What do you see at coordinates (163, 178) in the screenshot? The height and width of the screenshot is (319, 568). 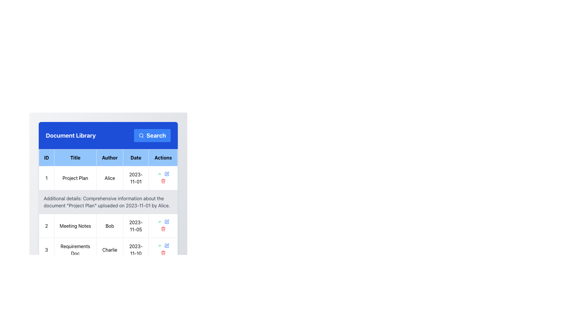 I see `the small red delete icon (trash can shape) located in the 'Actions' column for the 'Project Plan' entry by 'Alice' dated '2023-11-01' to initiate deletion of the associated row` at bounding box center [163, 178].